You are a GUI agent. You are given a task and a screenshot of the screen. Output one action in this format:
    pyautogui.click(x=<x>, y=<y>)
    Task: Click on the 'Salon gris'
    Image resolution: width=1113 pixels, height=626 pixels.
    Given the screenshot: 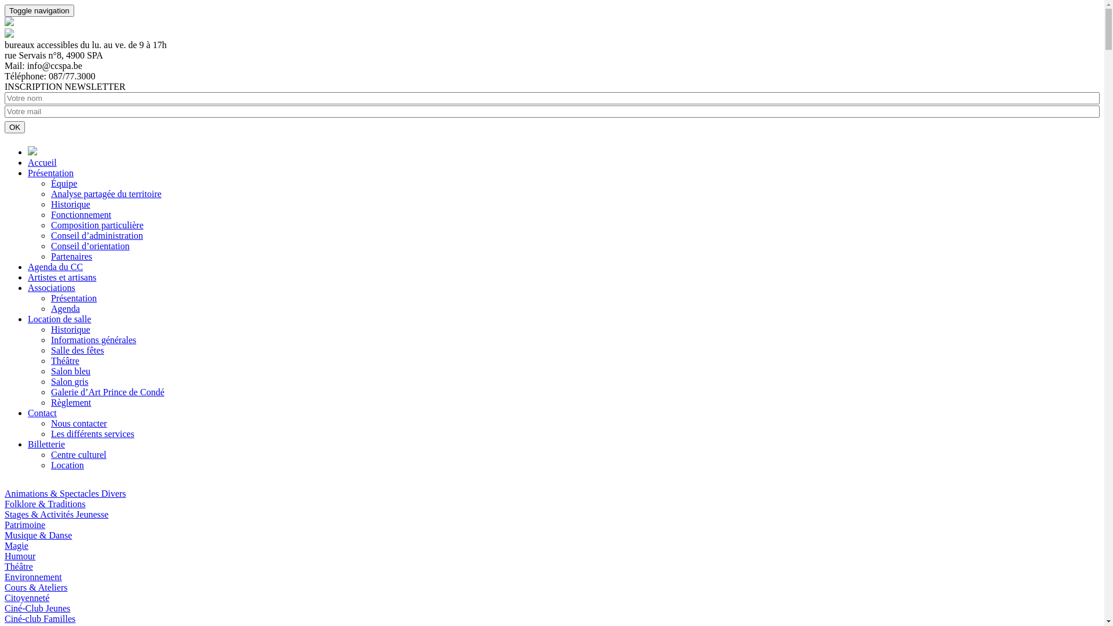 What is the action you would take?
    pyautogui.click(x=69, y=381)
    